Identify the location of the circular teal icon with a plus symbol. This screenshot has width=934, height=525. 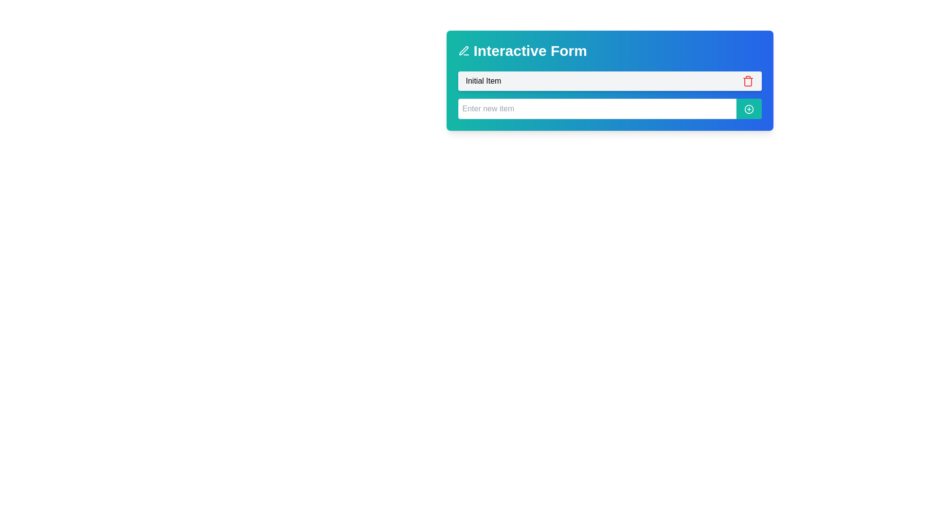
(748, 109).